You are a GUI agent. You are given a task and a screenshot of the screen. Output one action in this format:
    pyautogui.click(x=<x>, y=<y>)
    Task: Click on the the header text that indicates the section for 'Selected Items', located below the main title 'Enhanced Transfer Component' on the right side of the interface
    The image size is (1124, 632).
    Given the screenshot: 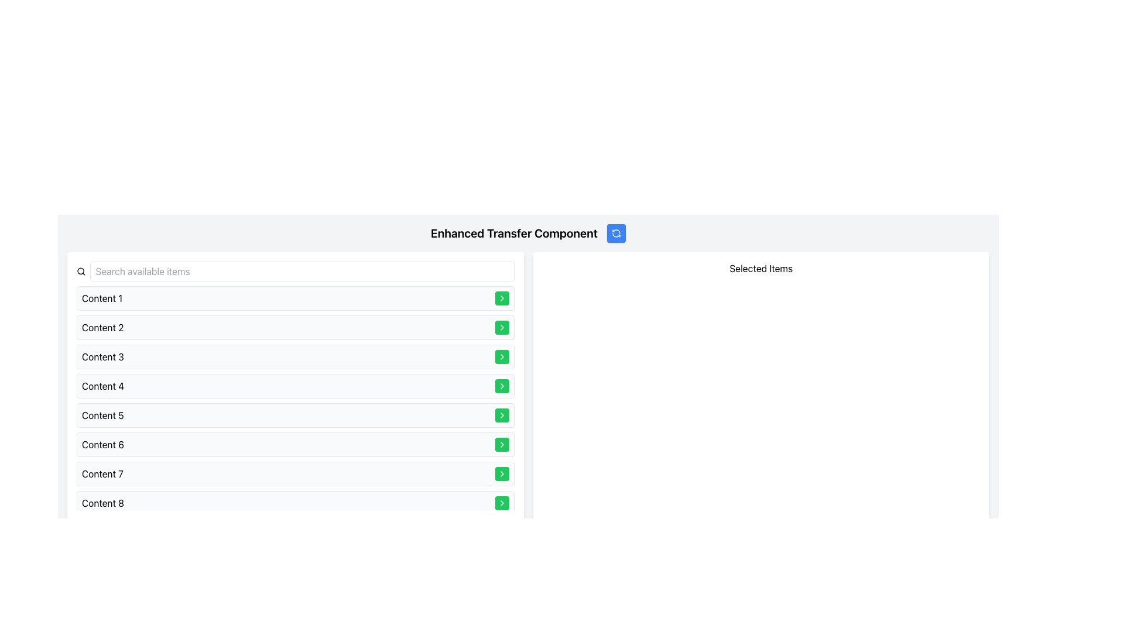 What is the action you would take?
    pyautogui.click(x=761, y=269)
    